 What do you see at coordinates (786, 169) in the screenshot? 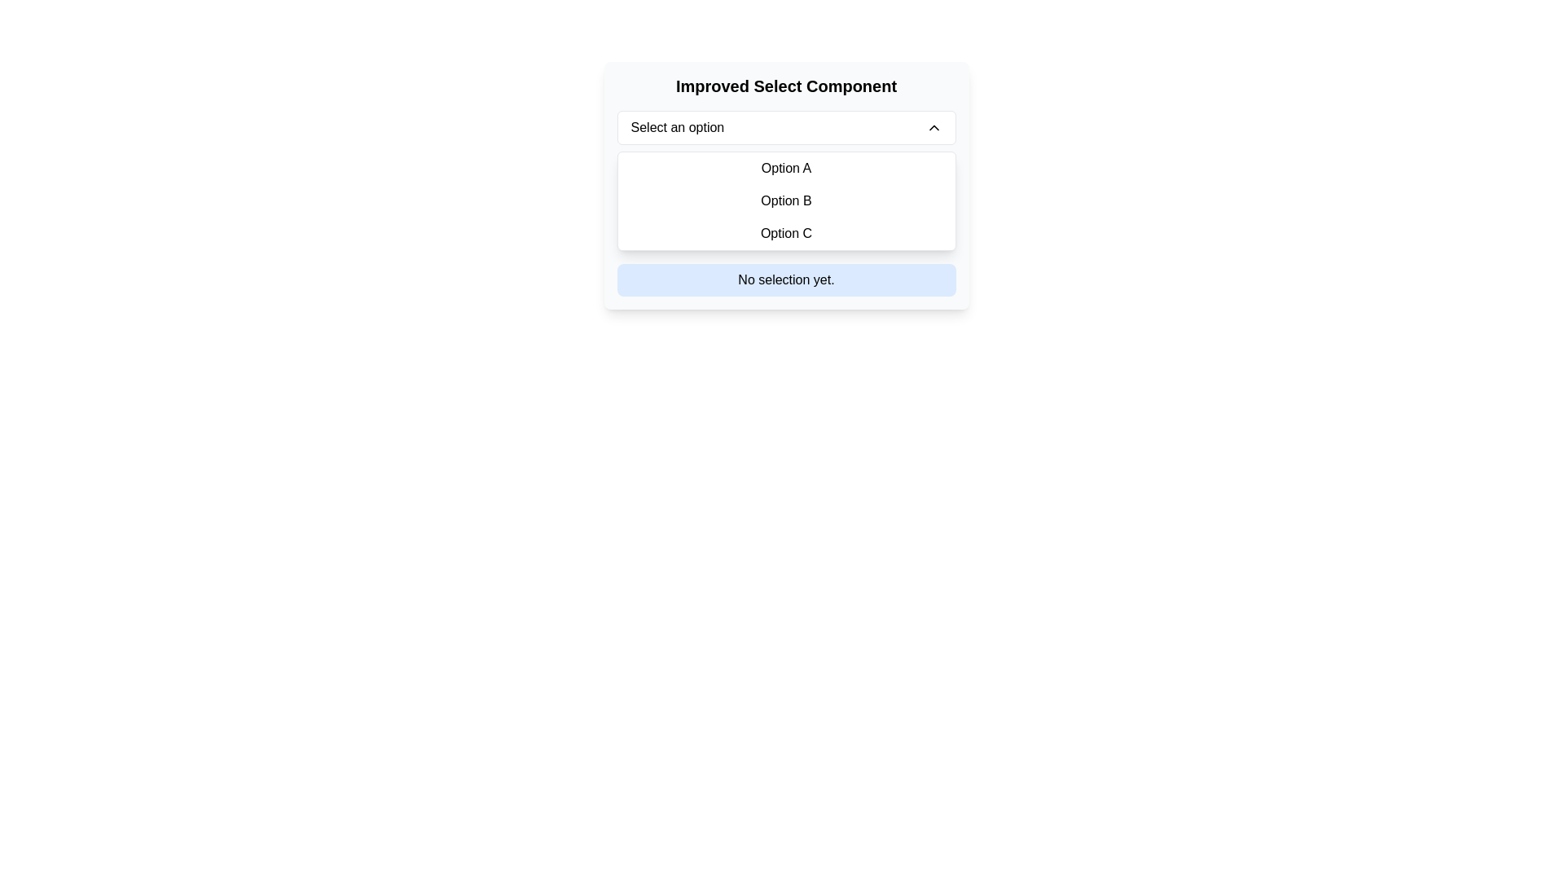
I see `the first list item labeled 'Option A'` at bounding box center [786, 169].